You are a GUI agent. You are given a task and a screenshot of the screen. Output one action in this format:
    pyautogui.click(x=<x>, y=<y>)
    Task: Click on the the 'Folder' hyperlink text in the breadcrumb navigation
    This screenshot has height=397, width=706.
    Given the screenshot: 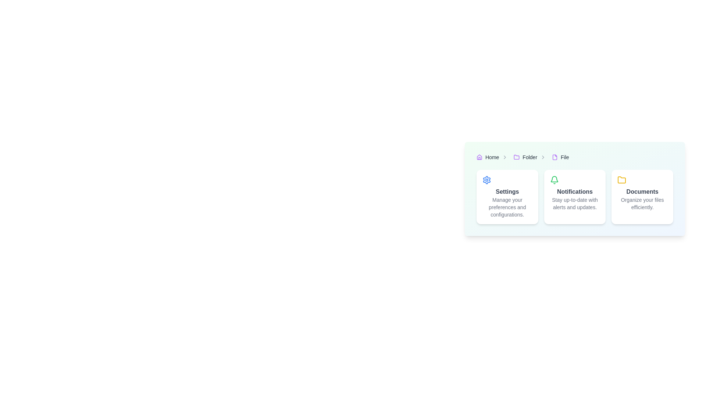 What is the action you would take?
    pyautogui.click(x=529, y=157)
    